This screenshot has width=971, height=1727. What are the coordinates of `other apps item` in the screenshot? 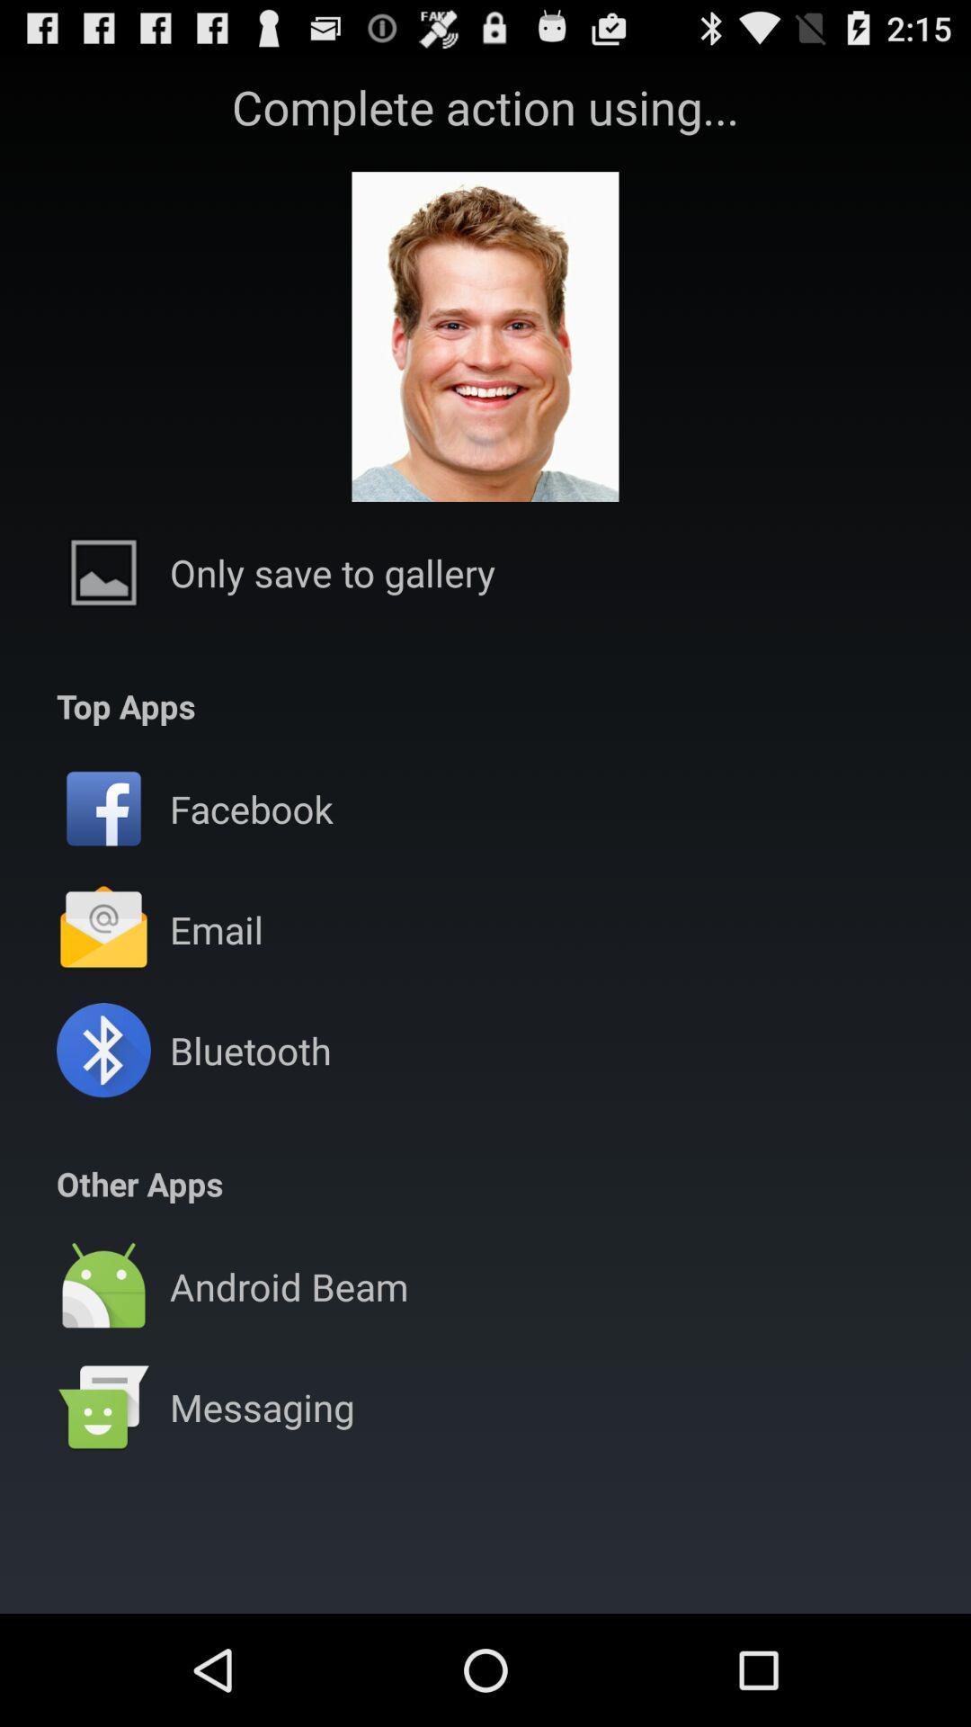 It's located at (138, 1184).